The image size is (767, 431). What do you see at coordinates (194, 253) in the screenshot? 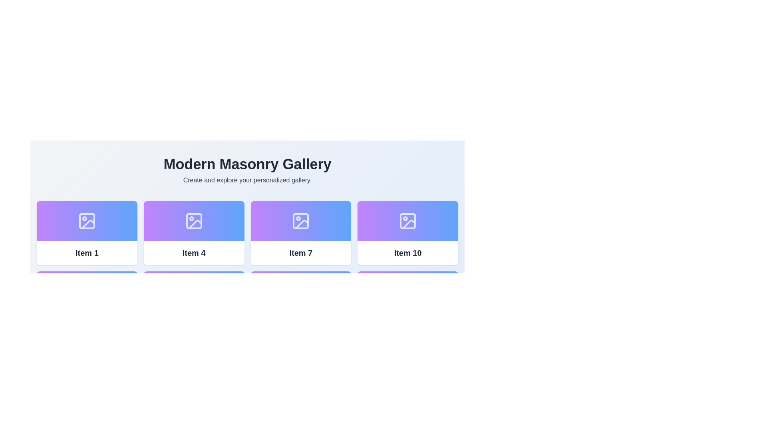
I see `the text label 'Item 4' which provides information about the corresponding card in the grid layout` at bounding box center [194, 253].